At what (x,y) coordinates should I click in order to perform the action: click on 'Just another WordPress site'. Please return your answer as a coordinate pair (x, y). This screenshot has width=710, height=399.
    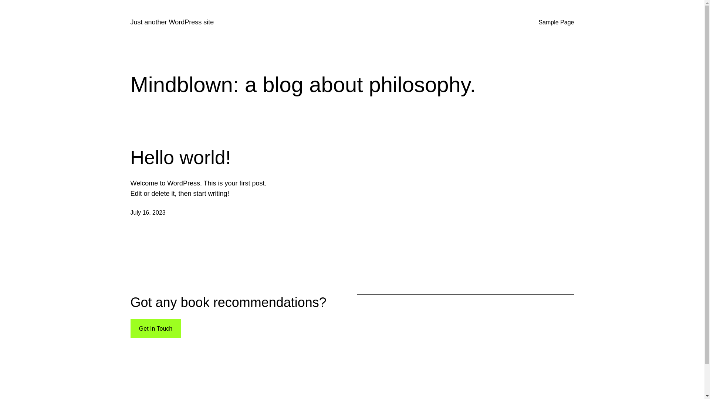
    Looking at the image, I should click on (172, 22).